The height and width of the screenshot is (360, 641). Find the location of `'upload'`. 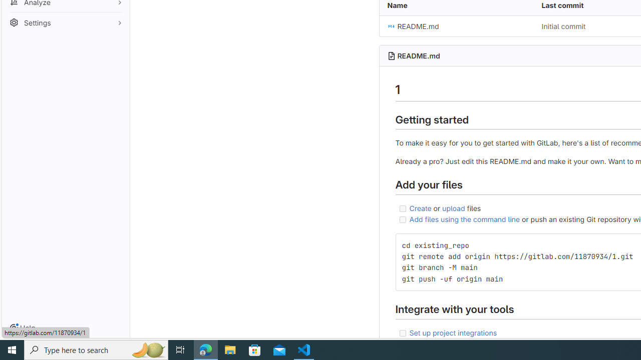

'upload' is located at coordinates (453, 207).